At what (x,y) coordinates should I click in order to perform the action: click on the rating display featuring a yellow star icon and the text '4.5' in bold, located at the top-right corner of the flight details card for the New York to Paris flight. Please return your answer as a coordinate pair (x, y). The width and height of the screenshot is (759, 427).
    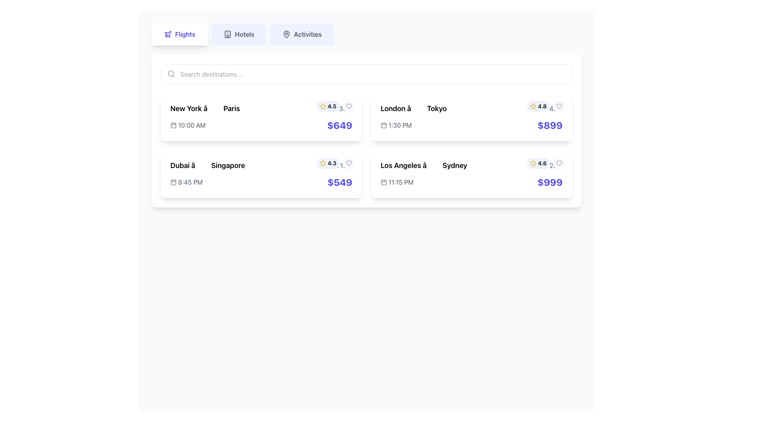
    Looking at the image, I should click on (336, 106).